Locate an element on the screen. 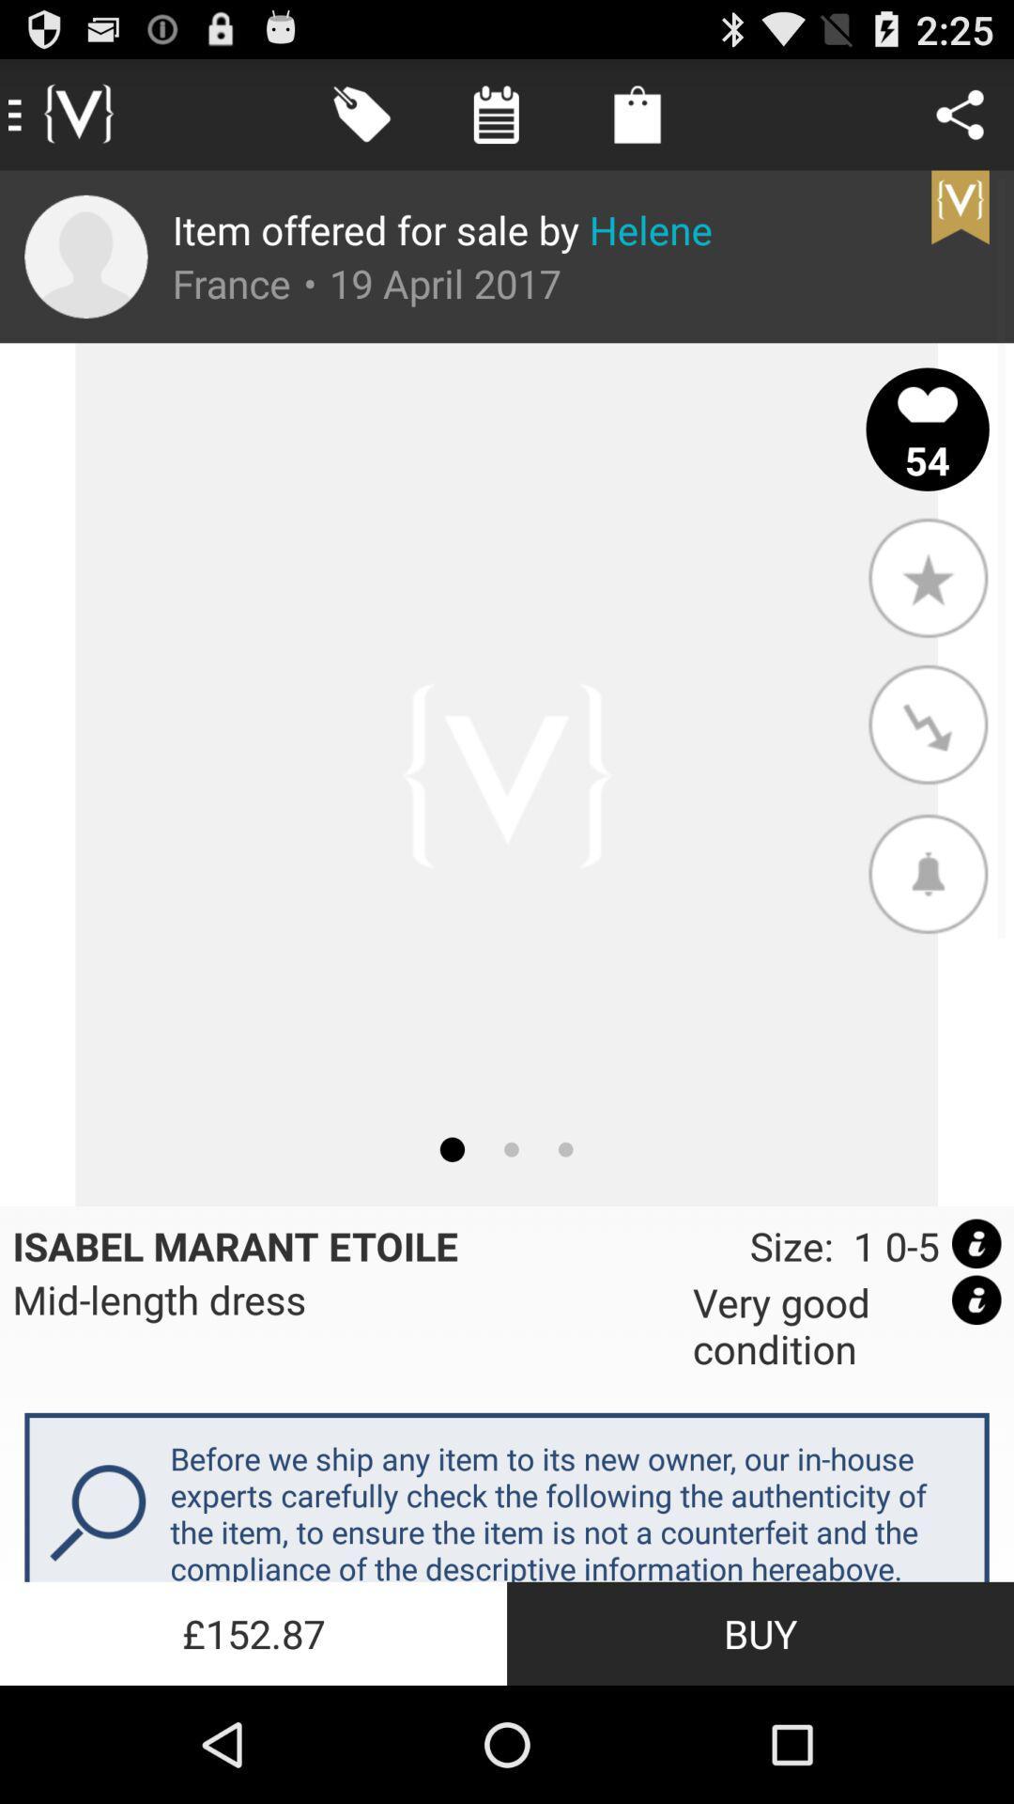  the item offered for icon is located at coordinates (442, 228).